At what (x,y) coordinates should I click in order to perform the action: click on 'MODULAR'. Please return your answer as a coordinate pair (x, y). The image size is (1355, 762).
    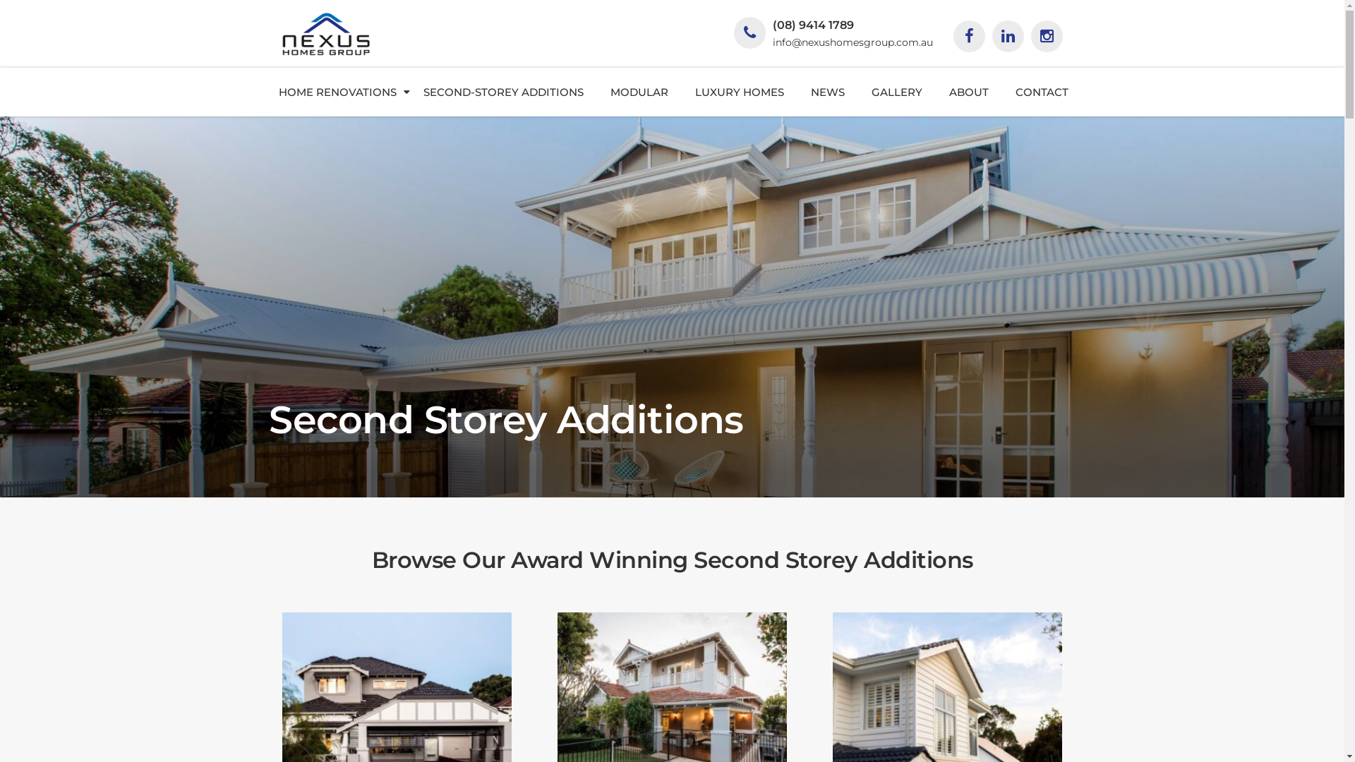
    Looking at the image, I should click on (596, 92).